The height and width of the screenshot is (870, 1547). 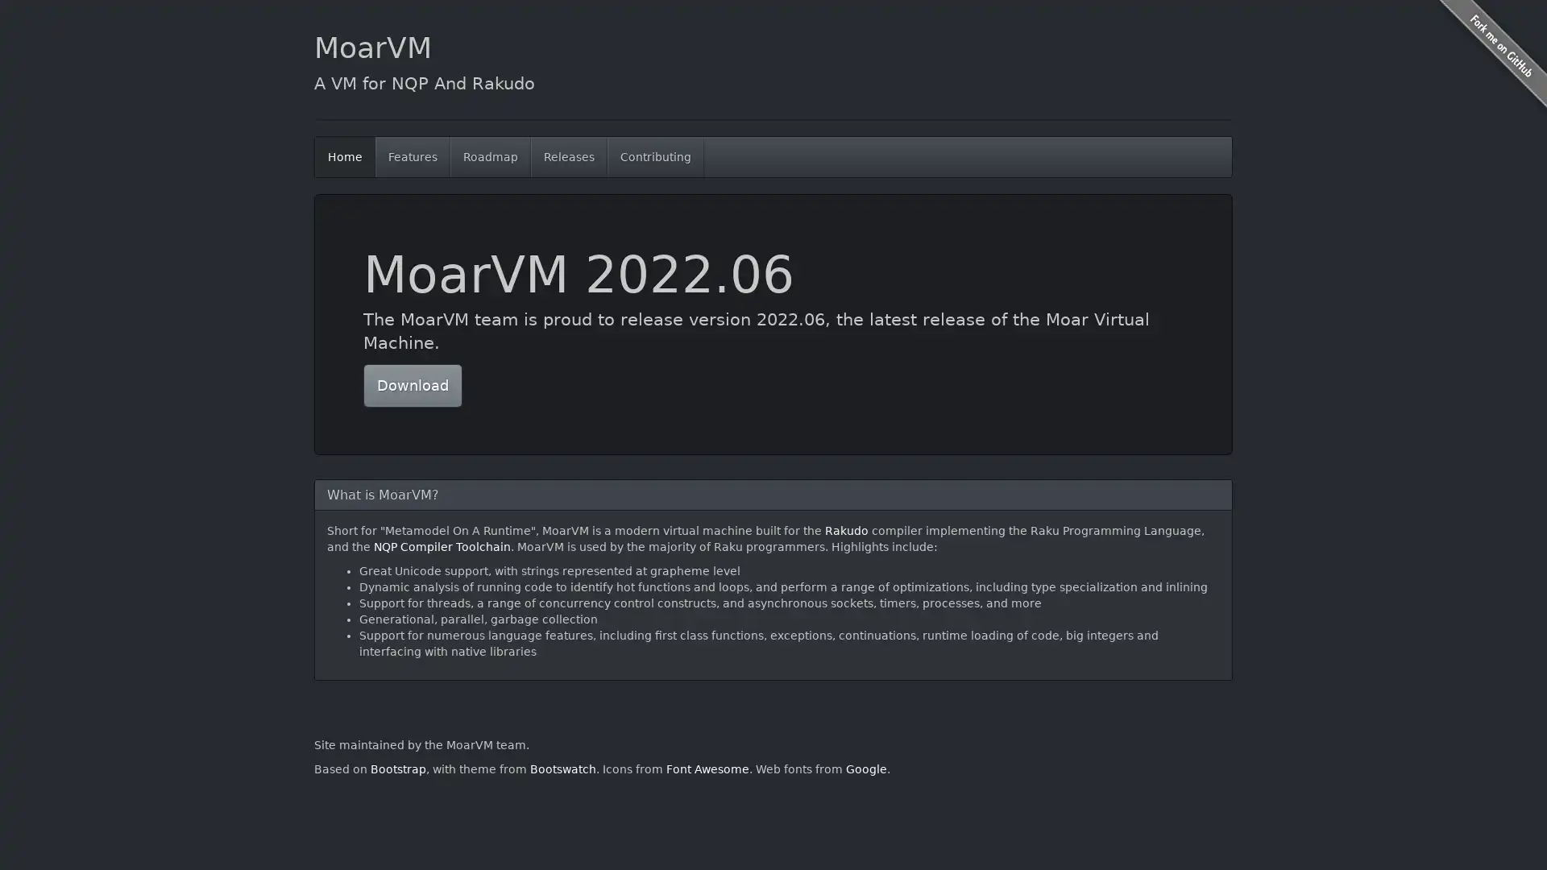 I want to click on Download, so click(x=413, y=385).